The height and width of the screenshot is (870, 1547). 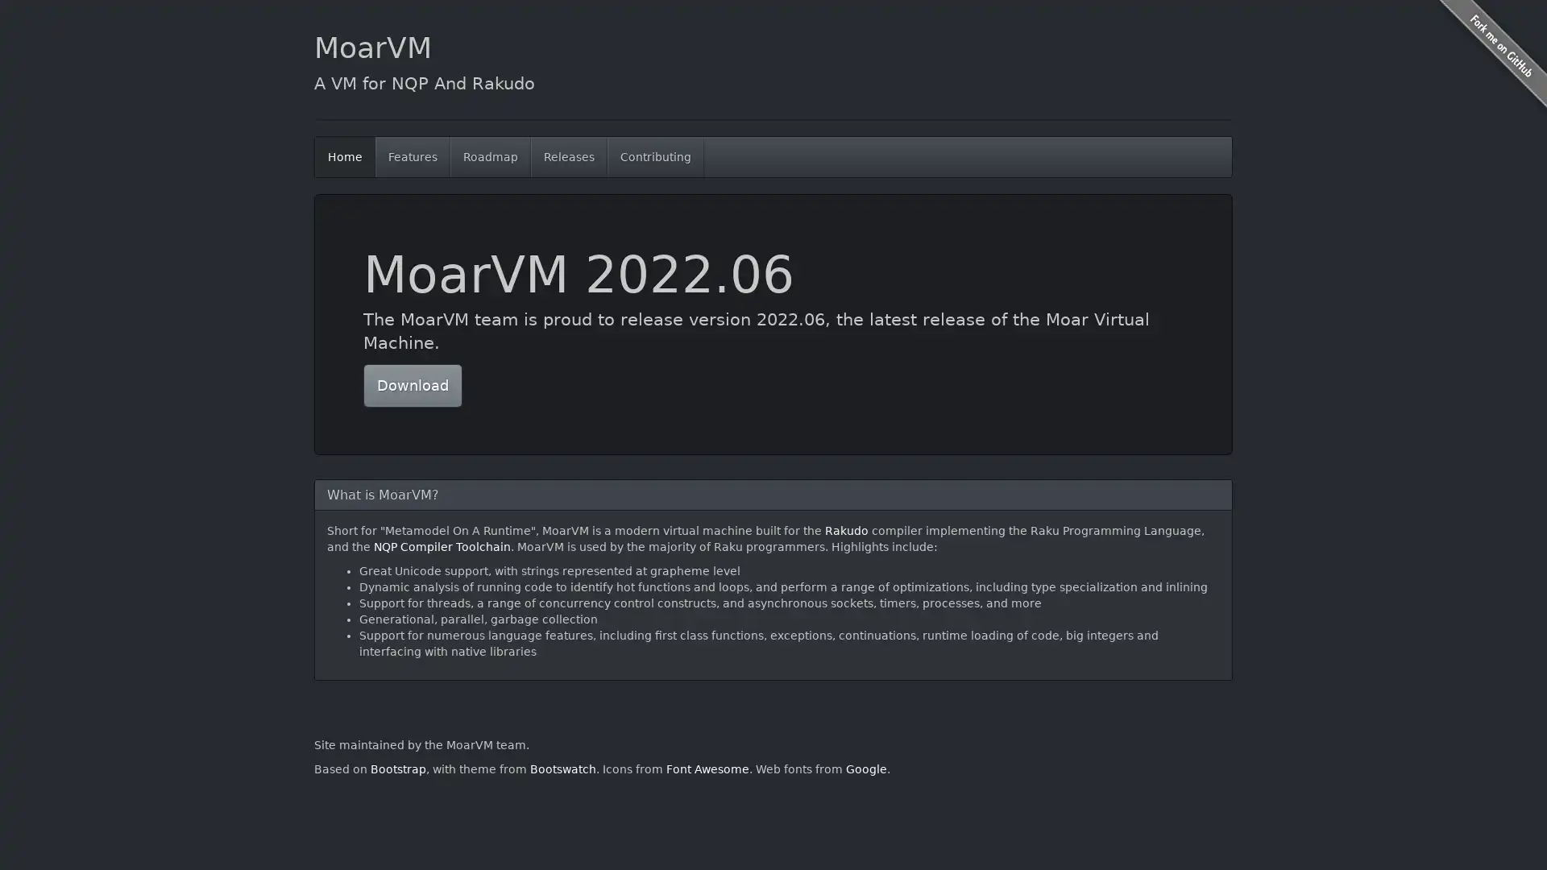 I want to click on Download, so click(x=413, y=385).